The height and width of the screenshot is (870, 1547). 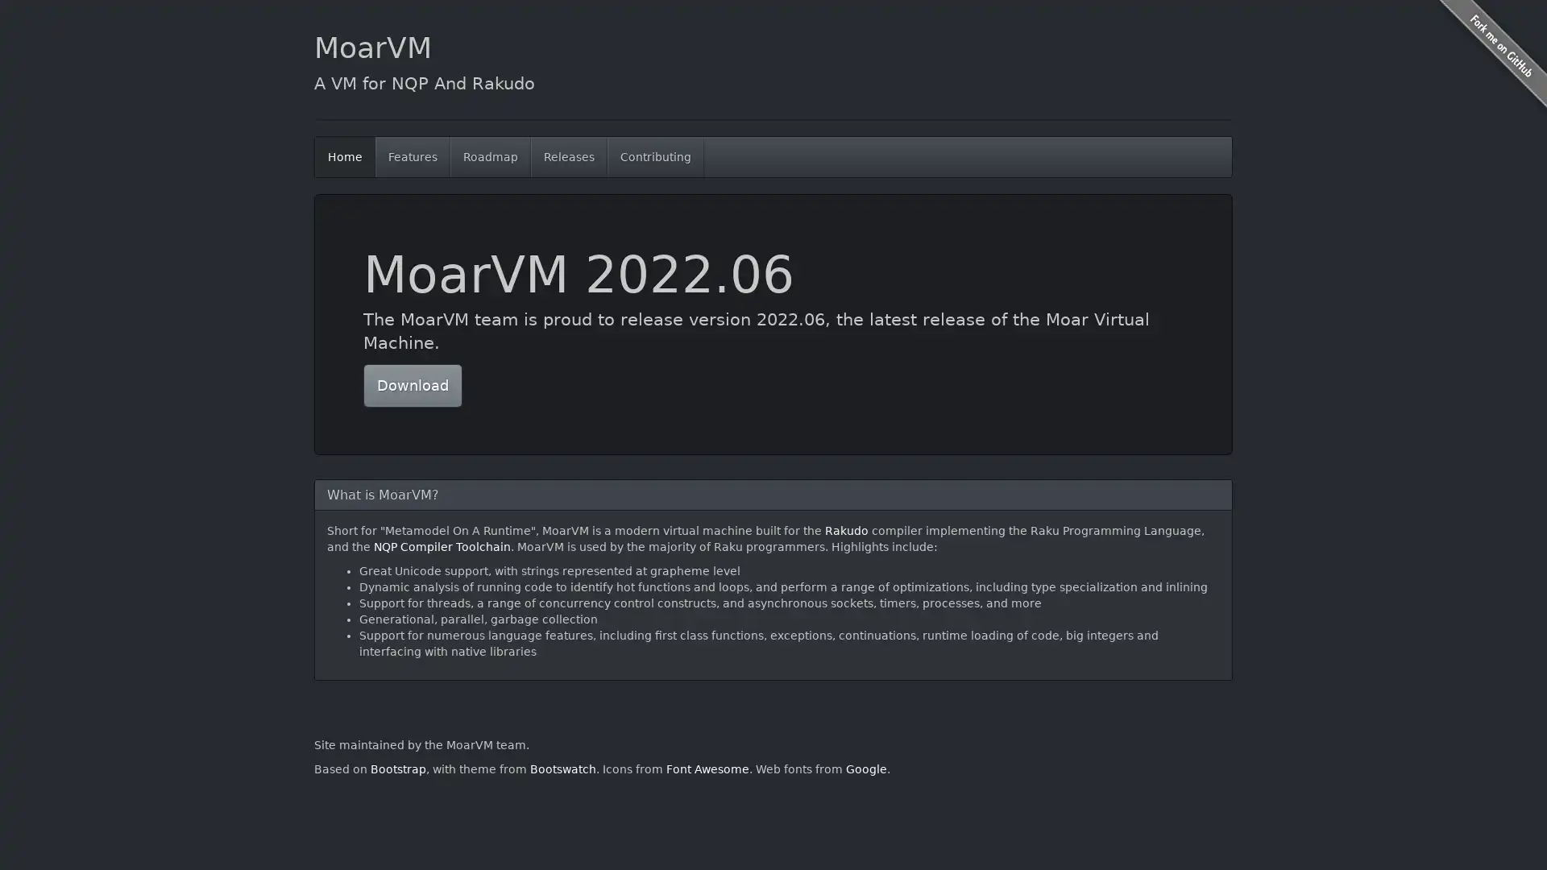 I want to click on Download, so click(x=413, y=385).